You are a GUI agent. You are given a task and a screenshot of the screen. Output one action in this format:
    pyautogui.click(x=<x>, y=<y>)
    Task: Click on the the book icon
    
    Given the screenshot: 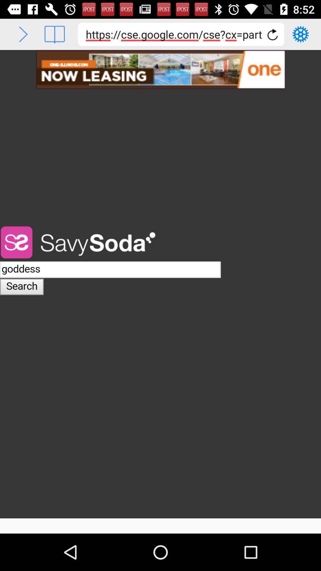 What is the action you would take?
    pyautogui.click(x=54, y=34)
    